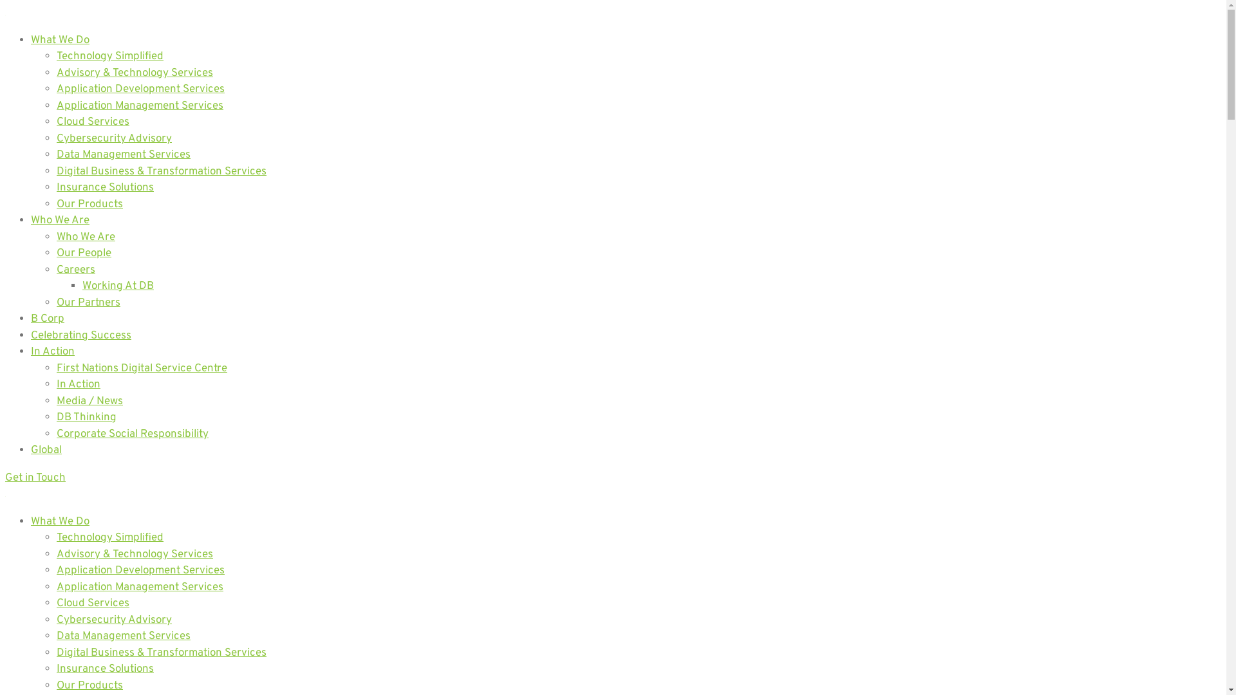  What do you see at coordinates (92, 603) in the screenshot?
I see `'Cloud Services'` at bounding box center [92, 603].